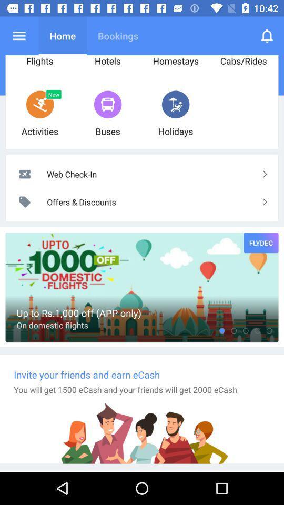 This screenshot has height=505, width=284. Describe the element at coordinates (221, 330) in the screenshot. I see `the icon to the right of the on domestic flights item` at that location.